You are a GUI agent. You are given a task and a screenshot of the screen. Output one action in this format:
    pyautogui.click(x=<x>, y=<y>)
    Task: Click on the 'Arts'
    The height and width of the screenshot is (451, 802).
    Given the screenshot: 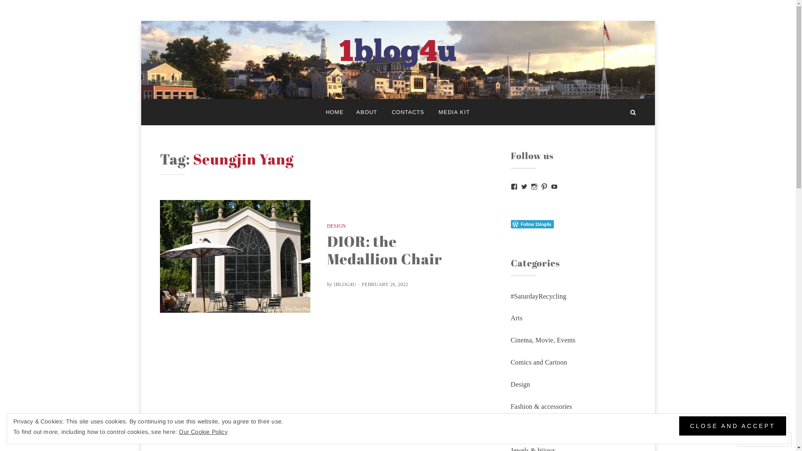 What is the action you would take?
    pyautogui.click(x=516, y=318)
    